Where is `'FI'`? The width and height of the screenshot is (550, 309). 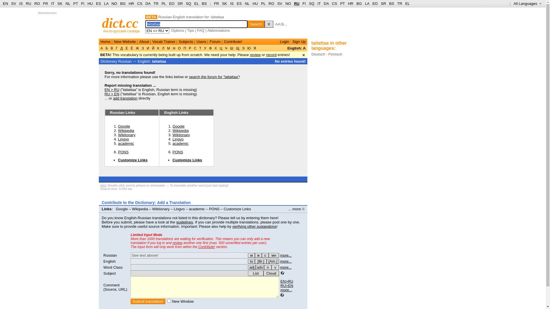 'FI' is located at coordinates (82, 3).